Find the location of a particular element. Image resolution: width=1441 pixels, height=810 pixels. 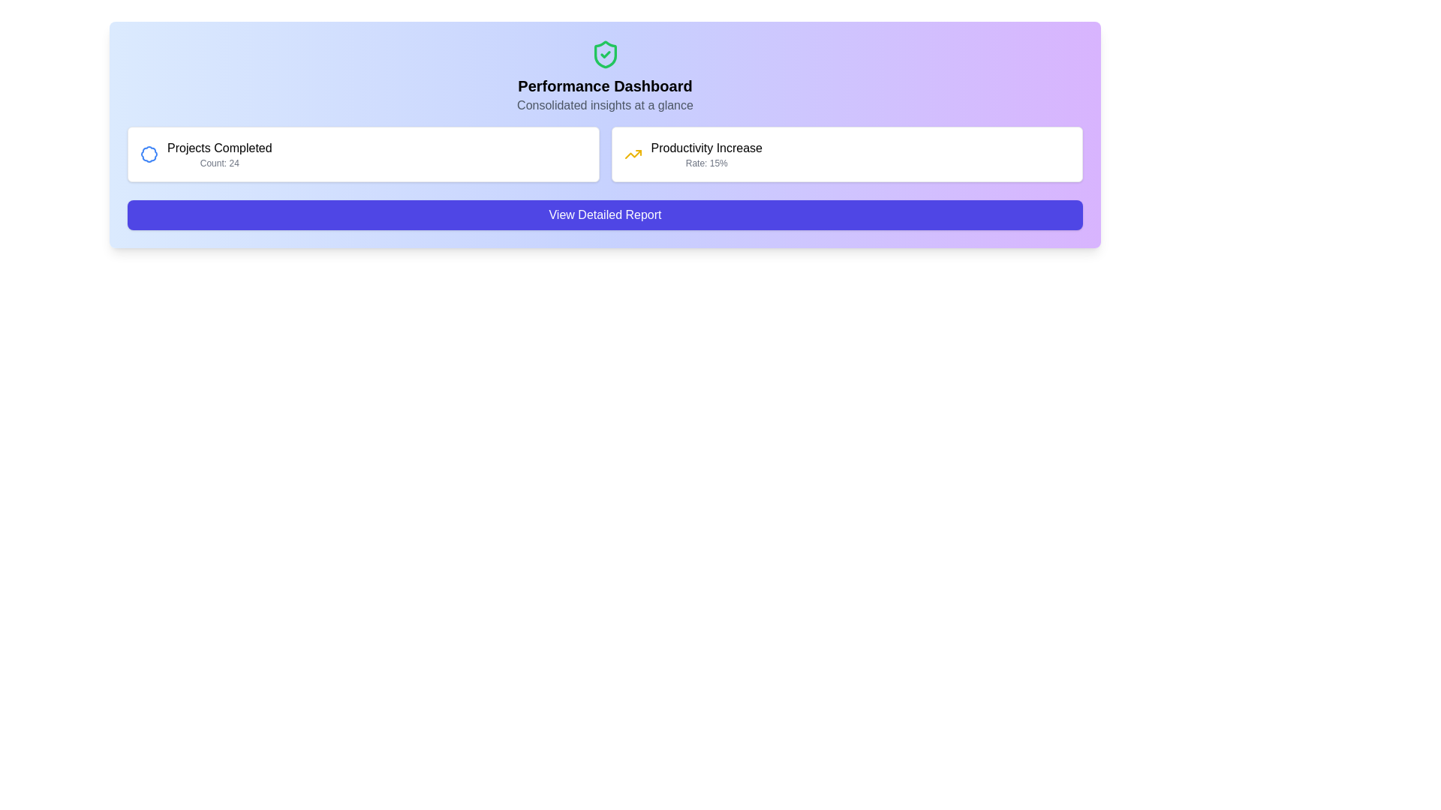

the text label that reads 'Projects Completed', which is styled with medium font weight and located at the top of a white rectangular card within a two-column layout is located at coordinates (218, 148).